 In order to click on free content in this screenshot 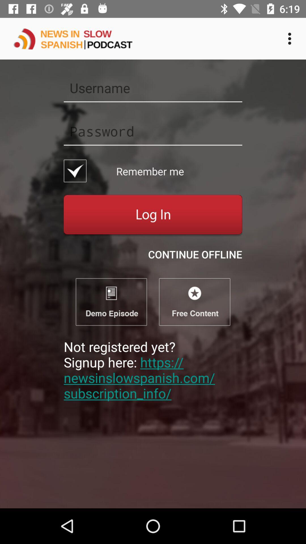, I will do `click(194, 301)`.